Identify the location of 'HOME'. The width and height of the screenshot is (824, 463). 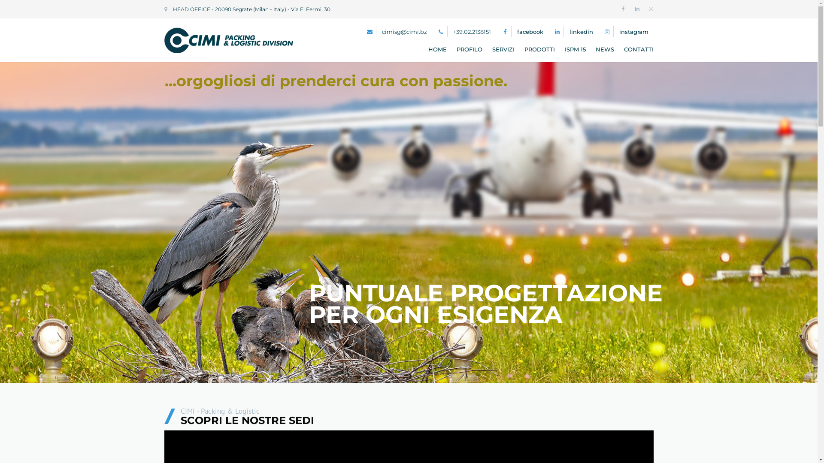
(437, 49).